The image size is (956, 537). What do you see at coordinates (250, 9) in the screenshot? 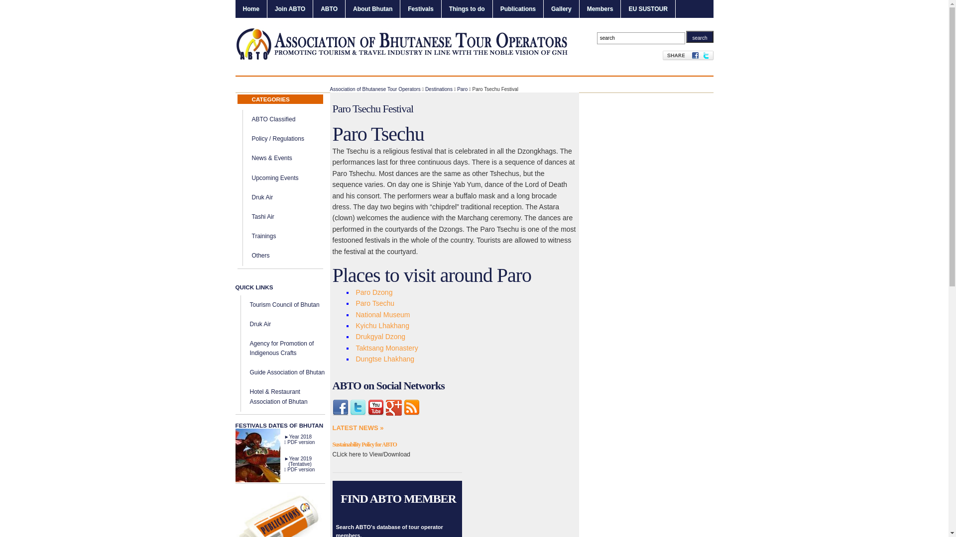
I see `'Home'` at bounding box center [250, 9].